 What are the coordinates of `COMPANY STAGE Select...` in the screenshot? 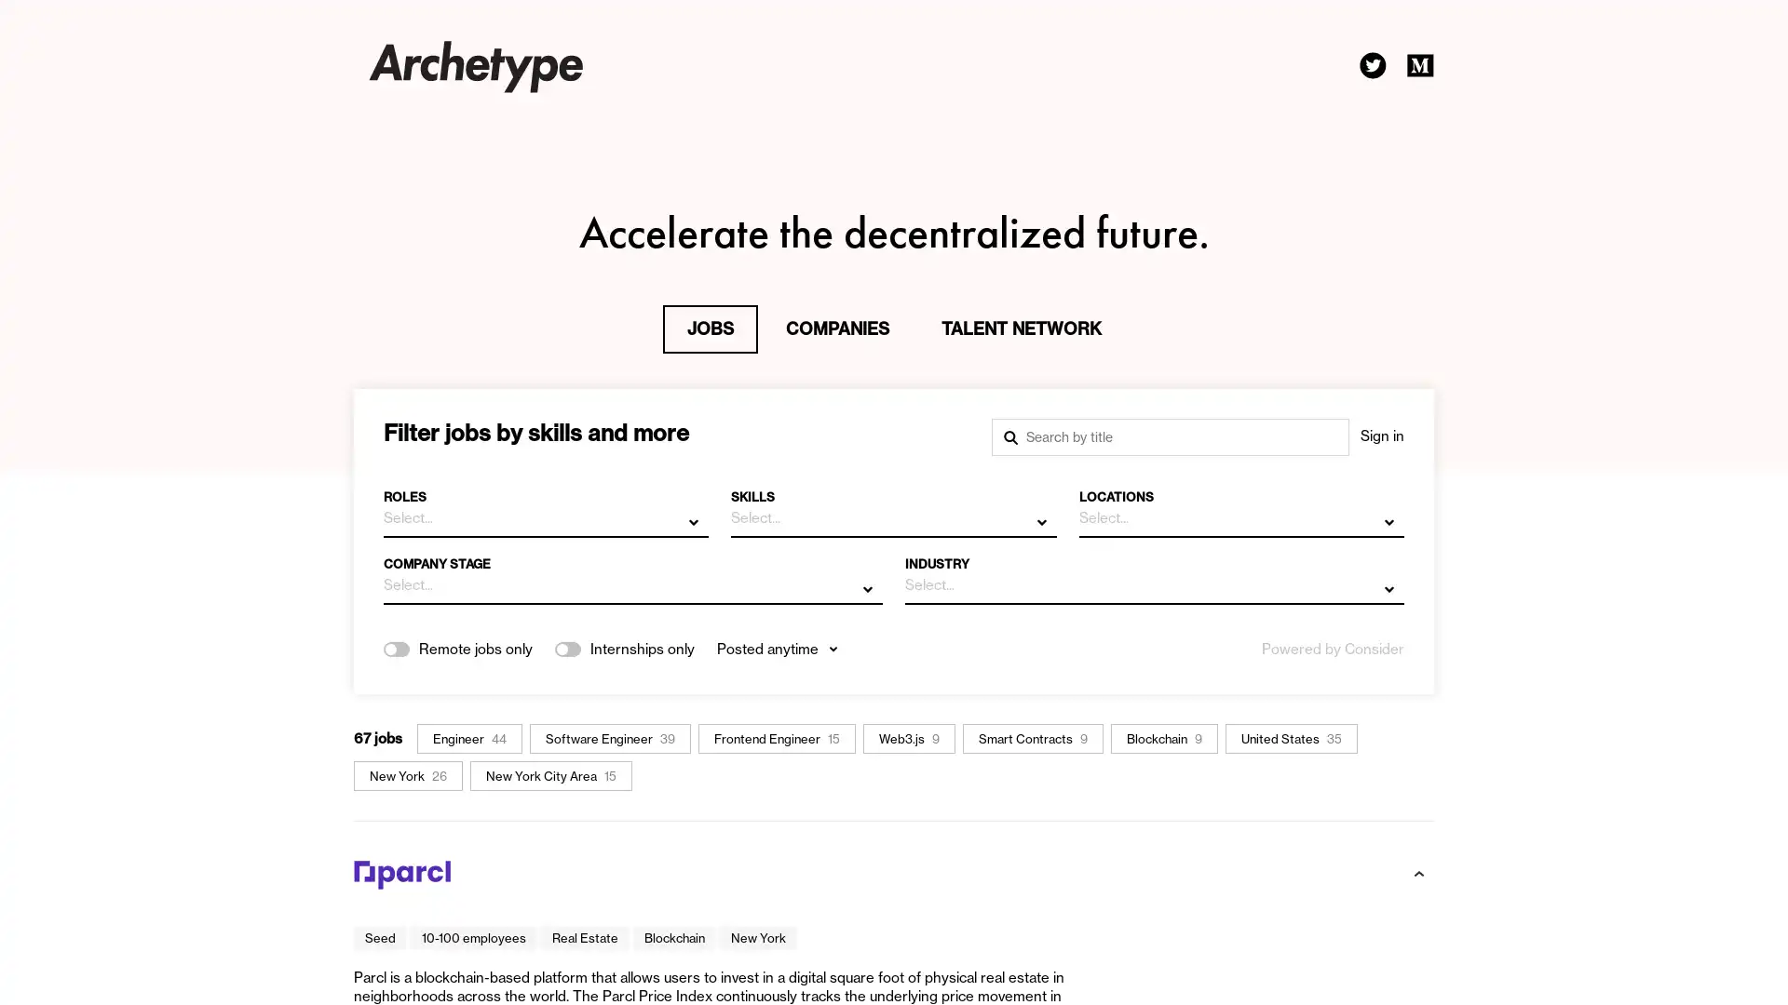 It's located at (633, 573).